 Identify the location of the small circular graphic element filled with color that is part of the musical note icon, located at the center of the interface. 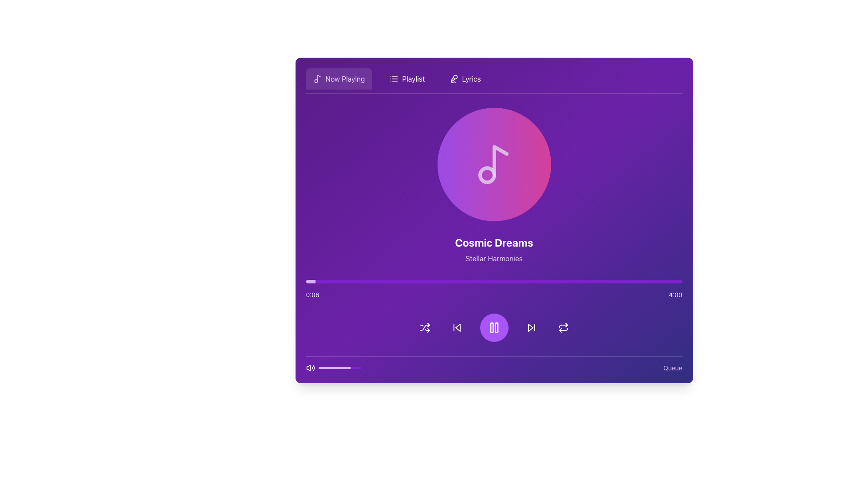
(486, 175).